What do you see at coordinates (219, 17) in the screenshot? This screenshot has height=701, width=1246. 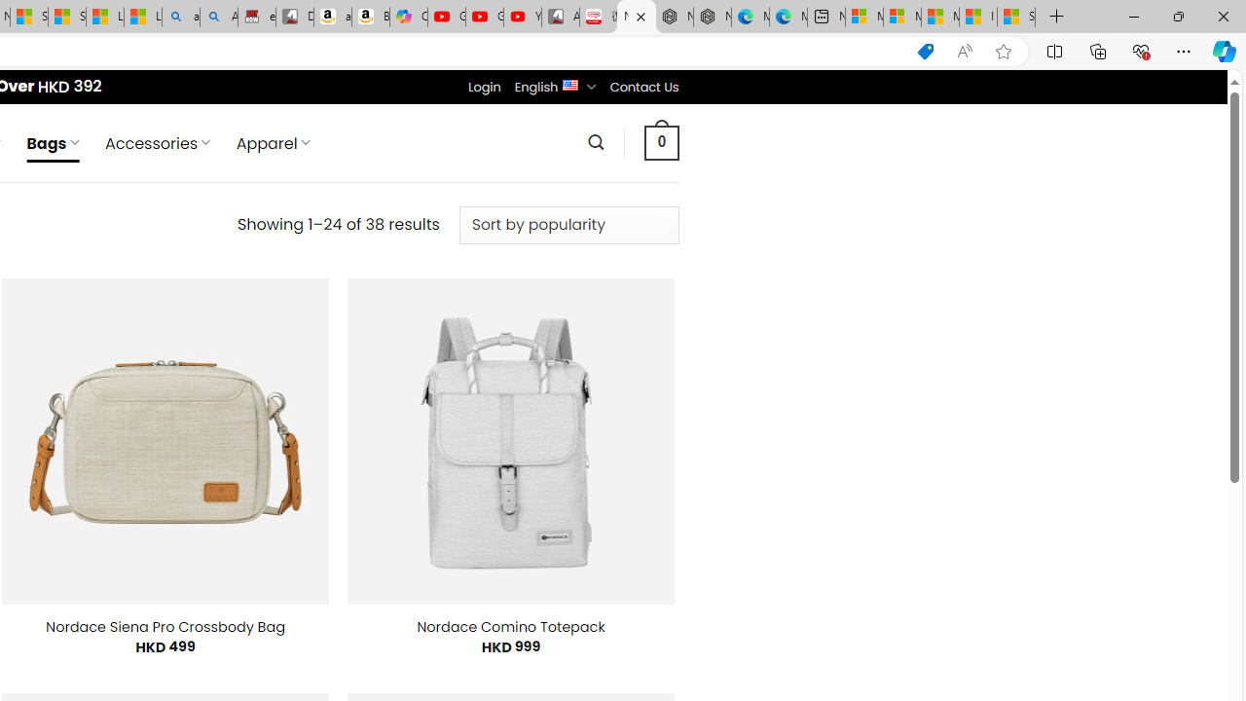 I see `'Amazon Echo Dot PNG - Search Images'` at bounding box center [219, 17].